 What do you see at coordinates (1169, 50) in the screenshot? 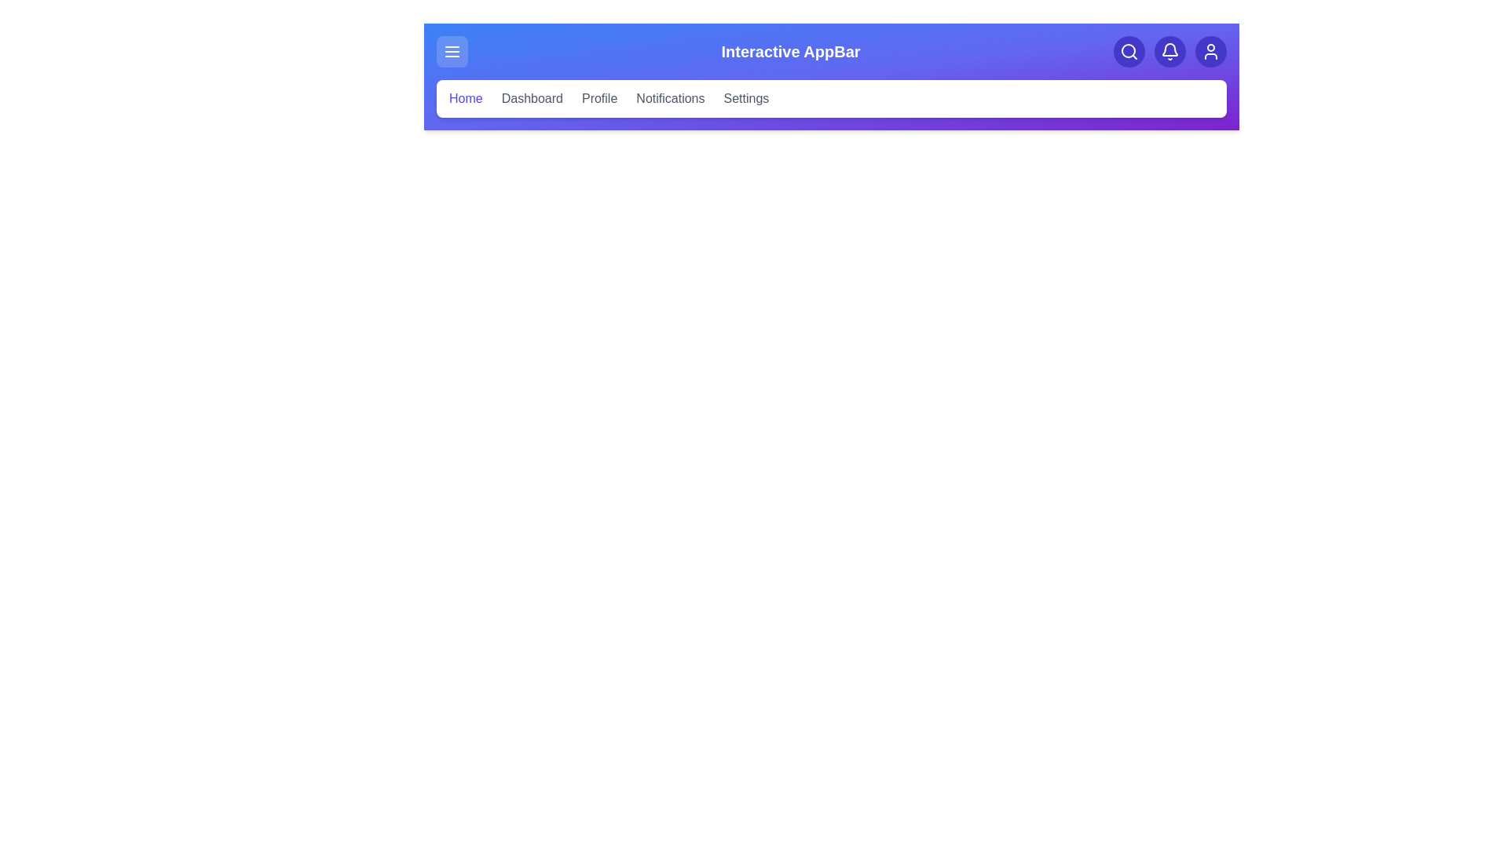
I see `the bell icon to view notifications` at bounding box center [1169, 50].